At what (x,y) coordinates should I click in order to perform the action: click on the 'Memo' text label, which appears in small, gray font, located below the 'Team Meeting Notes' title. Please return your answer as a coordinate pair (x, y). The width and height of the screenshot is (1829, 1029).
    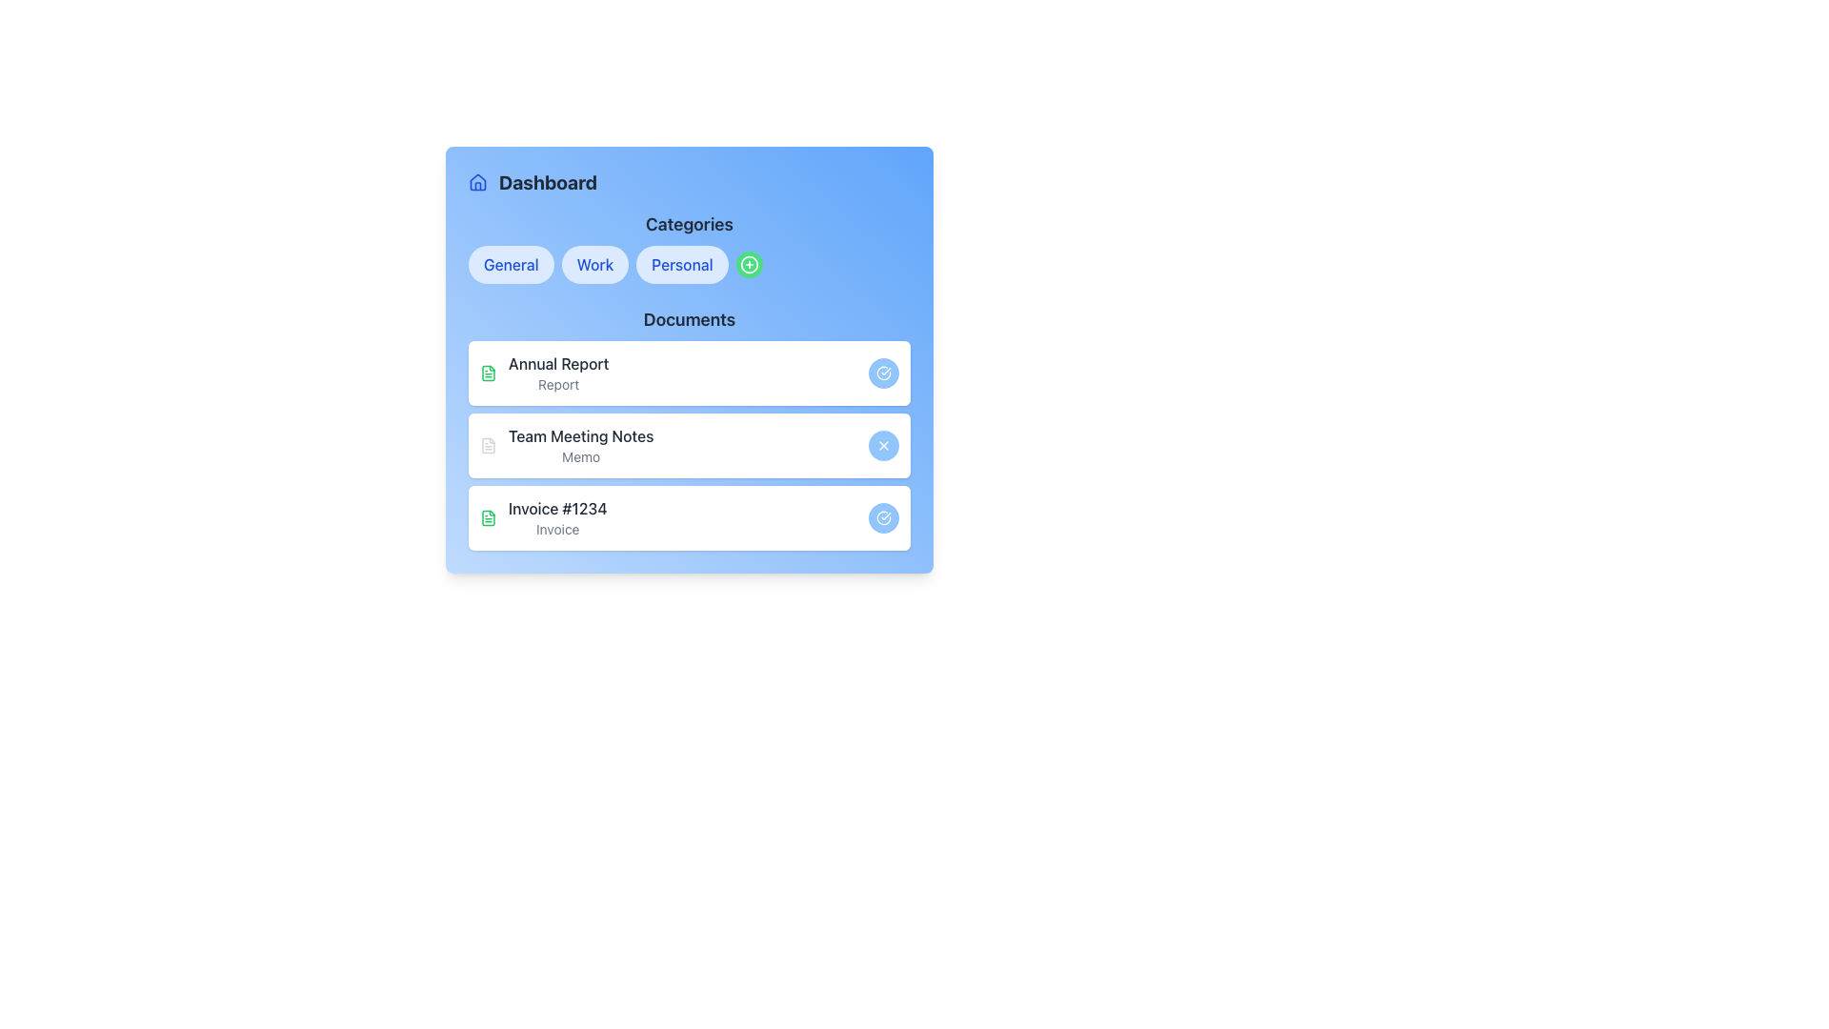
    Looking at the image, I should click on (580, 456).